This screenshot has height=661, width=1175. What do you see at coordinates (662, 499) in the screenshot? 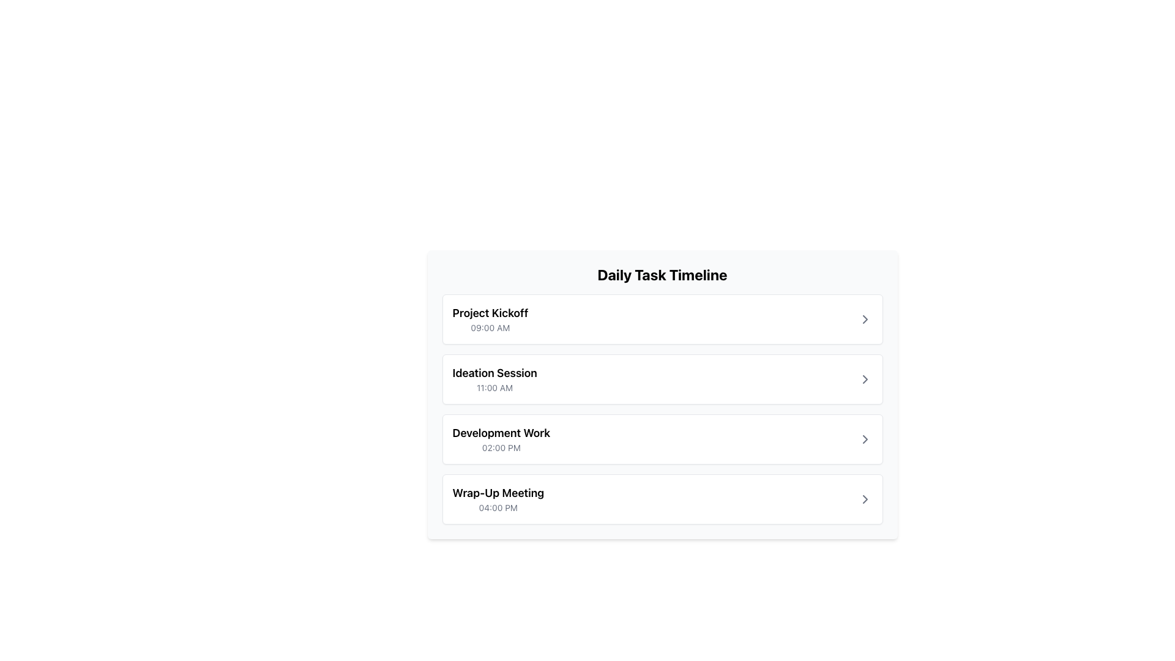
I see `the 'Wrap-Up Meeting' card with a white background and rounded corners, located at the bottom of the 'Daily Task Timeline' section` at bounding box center [662, 499].